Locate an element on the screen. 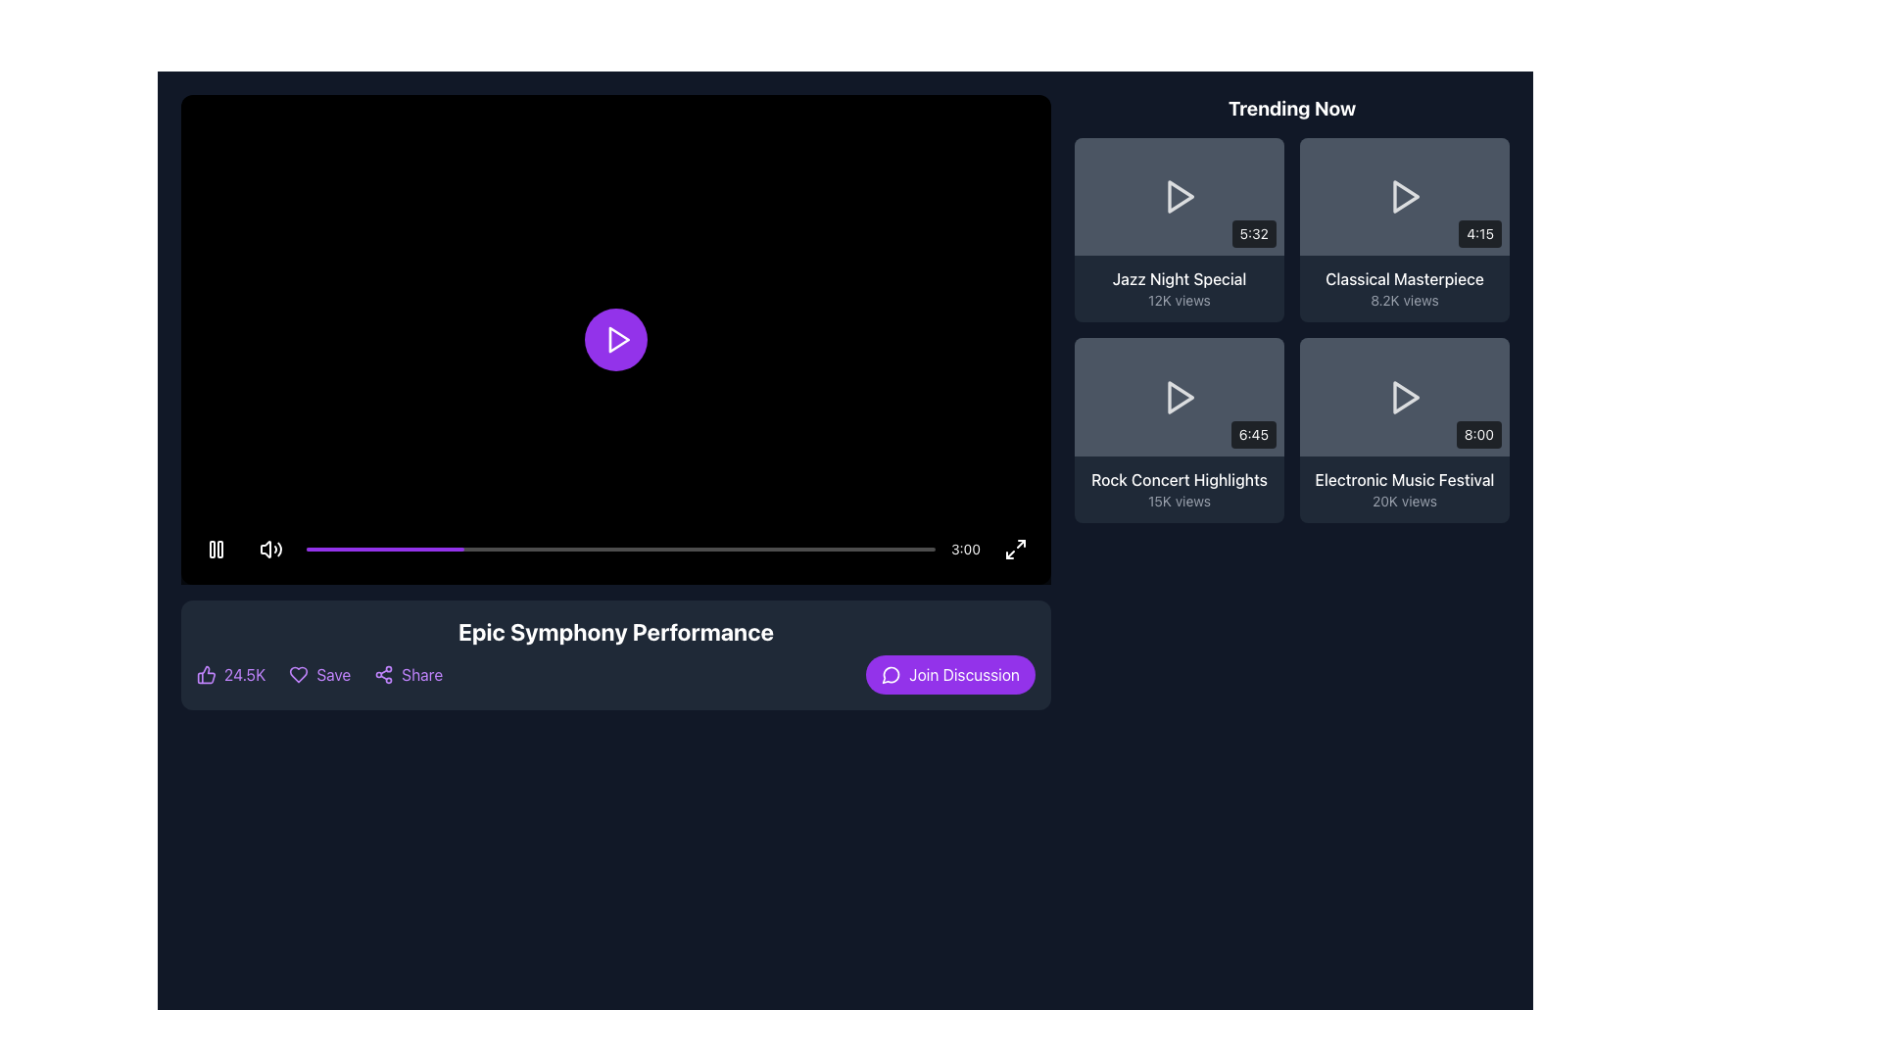  the text element displaying '3:00' in white color, located at the right end of the control bar at the bottom of the video player interface is located at coordinates (614, 548).